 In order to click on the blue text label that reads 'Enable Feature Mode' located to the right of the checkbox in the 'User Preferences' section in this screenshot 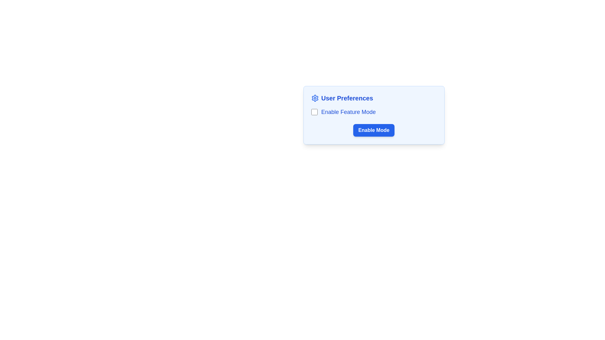, I will do `click(348, 111)`.